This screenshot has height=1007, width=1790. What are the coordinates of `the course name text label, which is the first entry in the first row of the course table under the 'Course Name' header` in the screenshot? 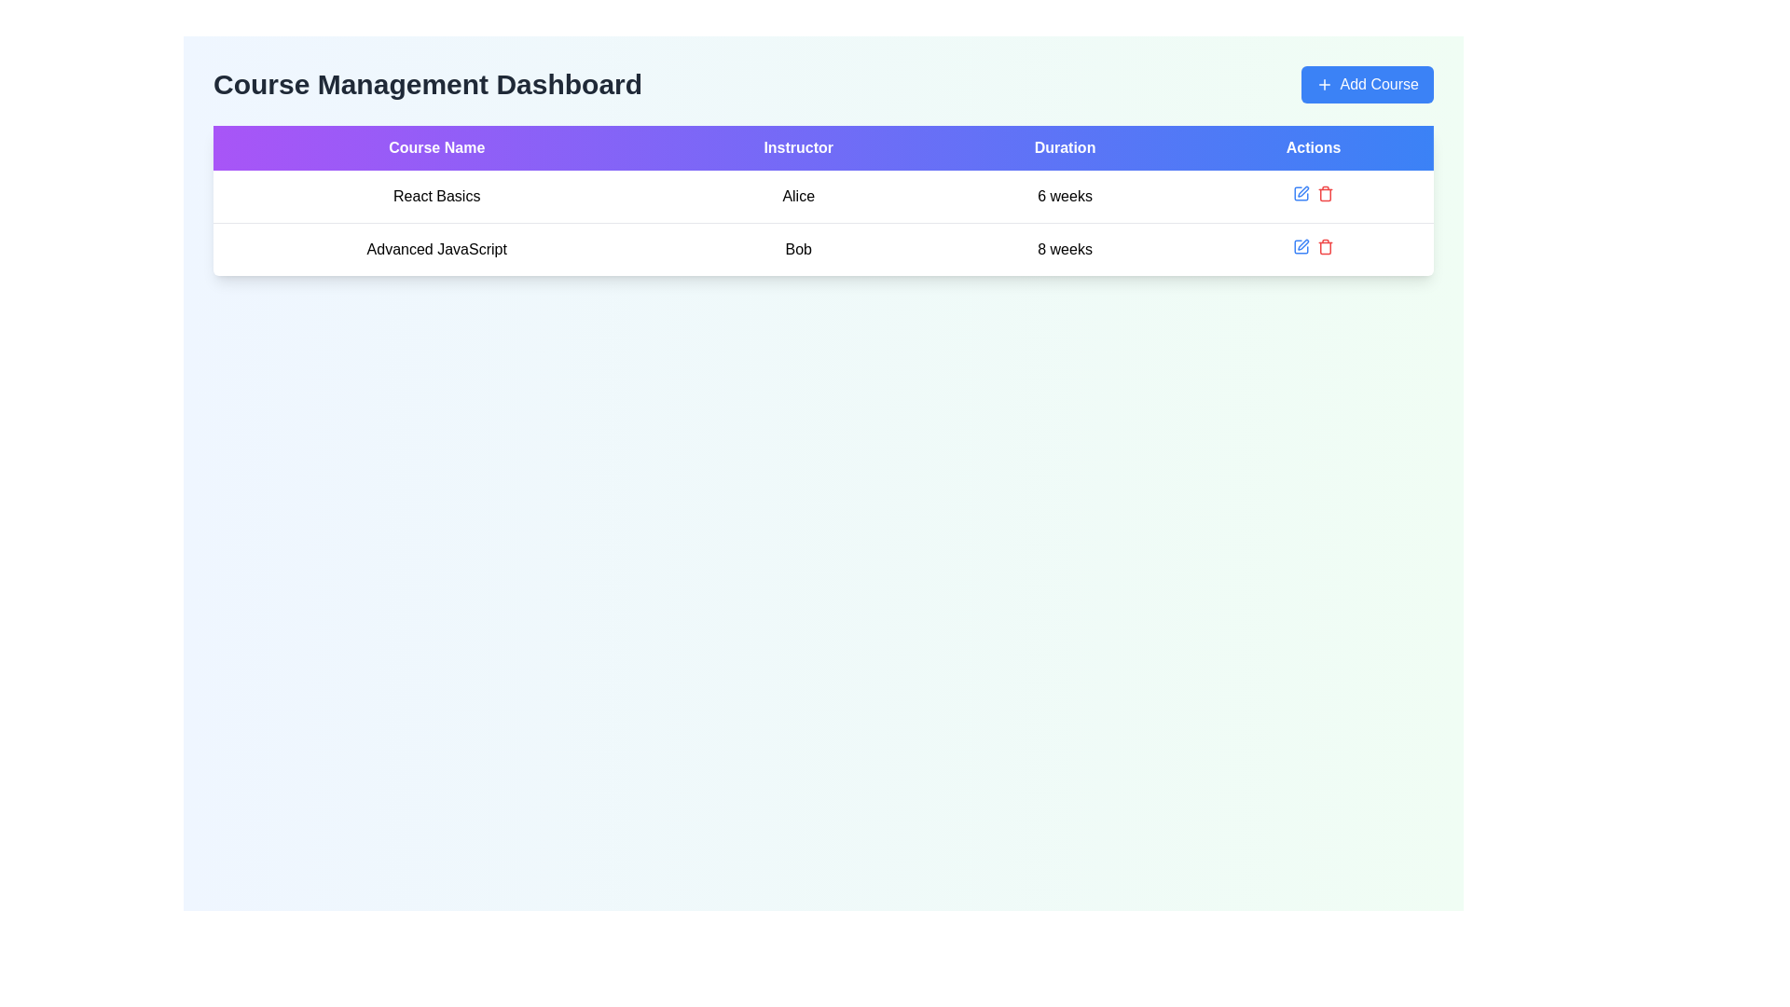 It's located at (435, 197).